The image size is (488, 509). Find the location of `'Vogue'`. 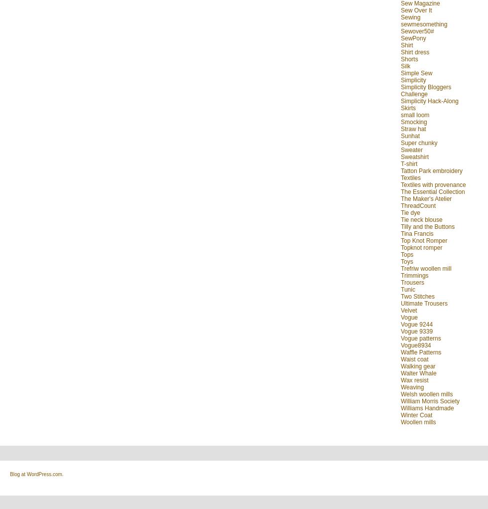

'Vogue' is located at coordinates (409, 316).